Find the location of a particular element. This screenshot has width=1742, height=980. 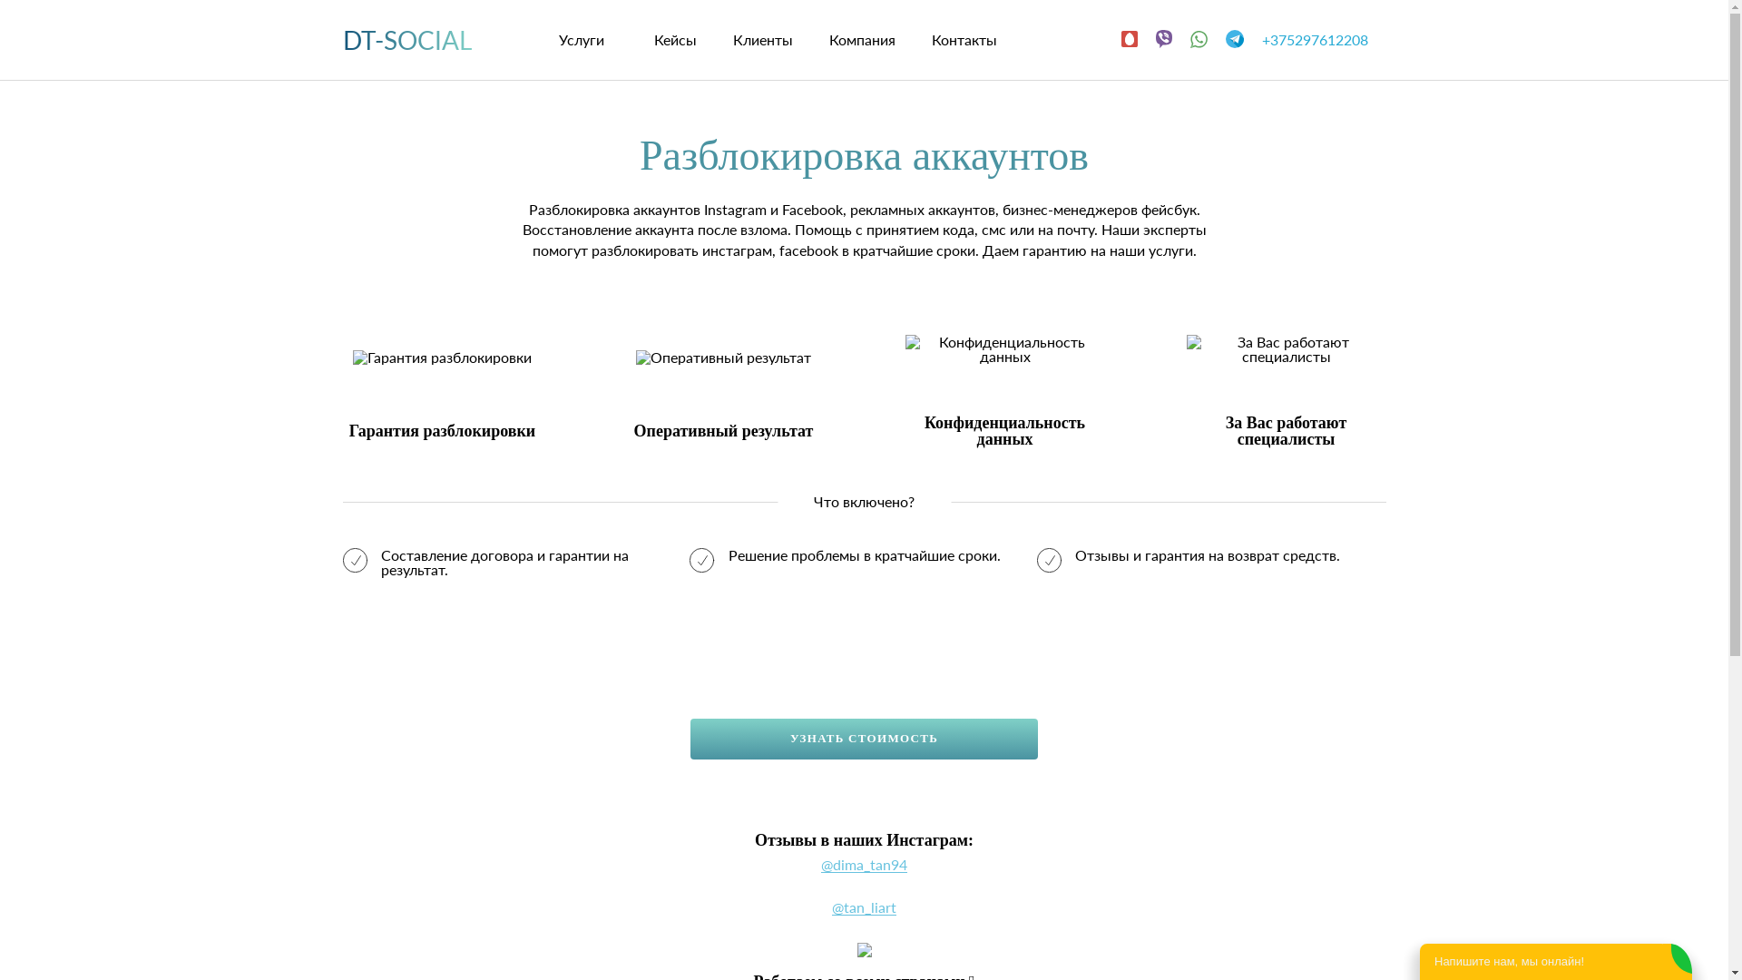

'DT-SOCIAL' is located at coordinates (406, 39).